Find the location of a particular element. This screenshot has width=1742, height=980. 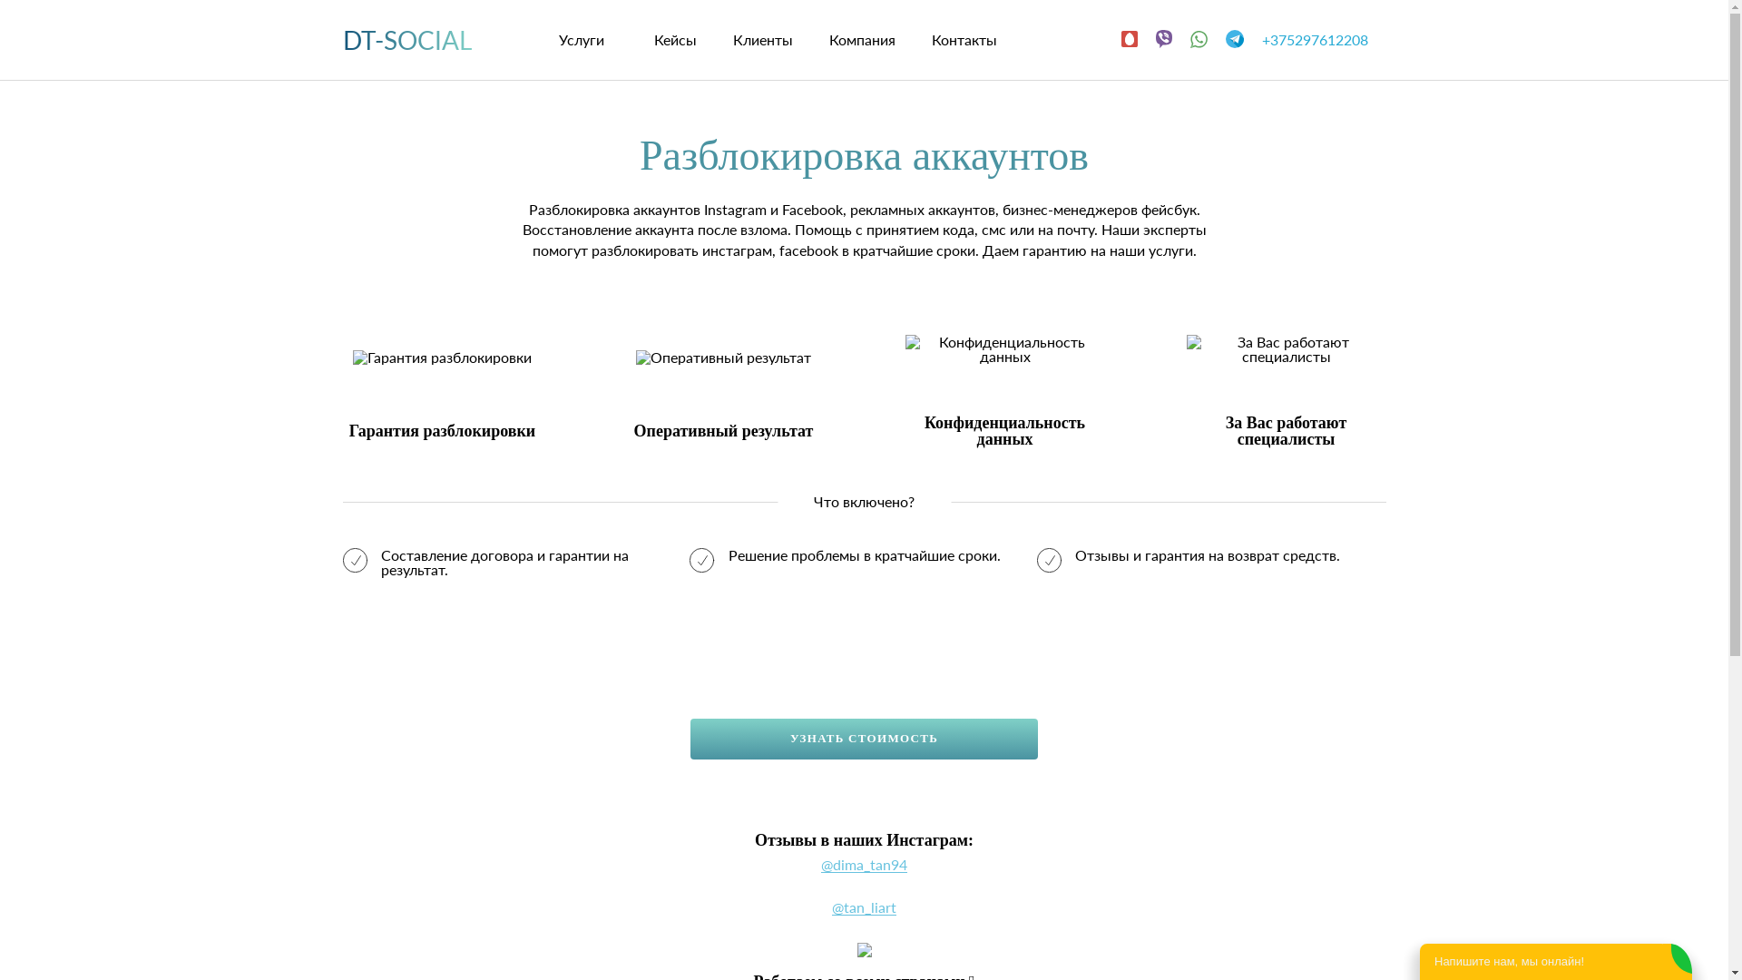

'DT-SOCIAL' is located at coordinates (406, 39).